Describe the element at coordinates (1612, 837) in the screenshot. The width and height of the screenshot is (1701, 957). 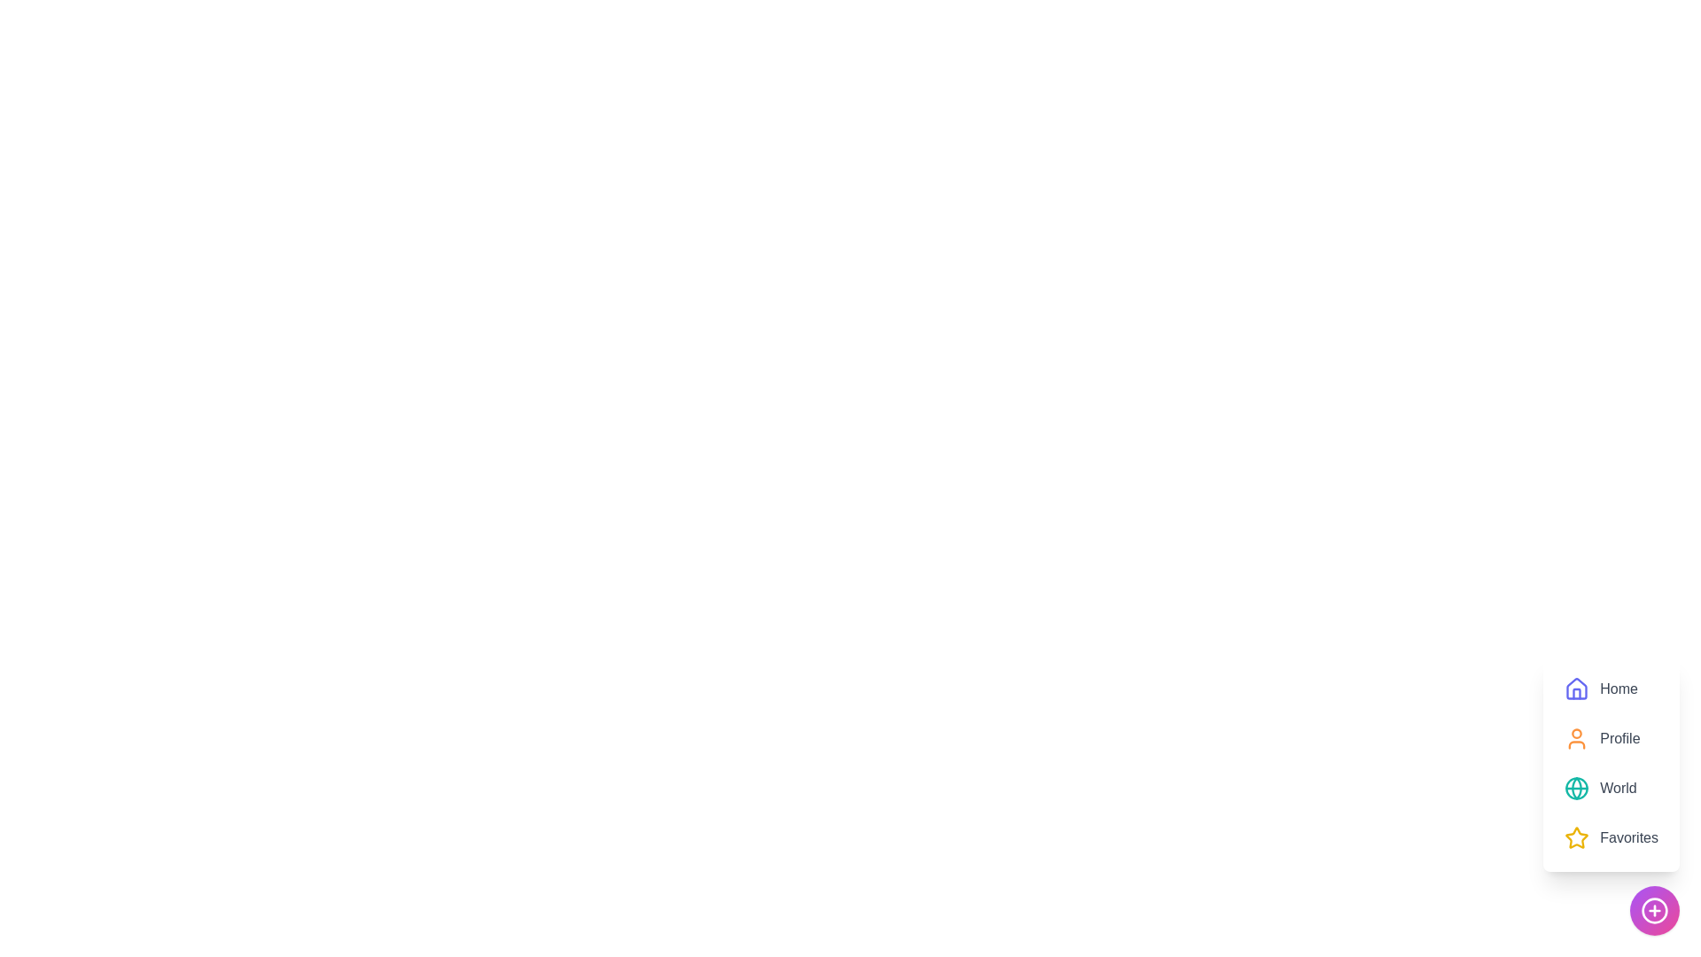
I see `the 'Favorites' menu item` at that location.